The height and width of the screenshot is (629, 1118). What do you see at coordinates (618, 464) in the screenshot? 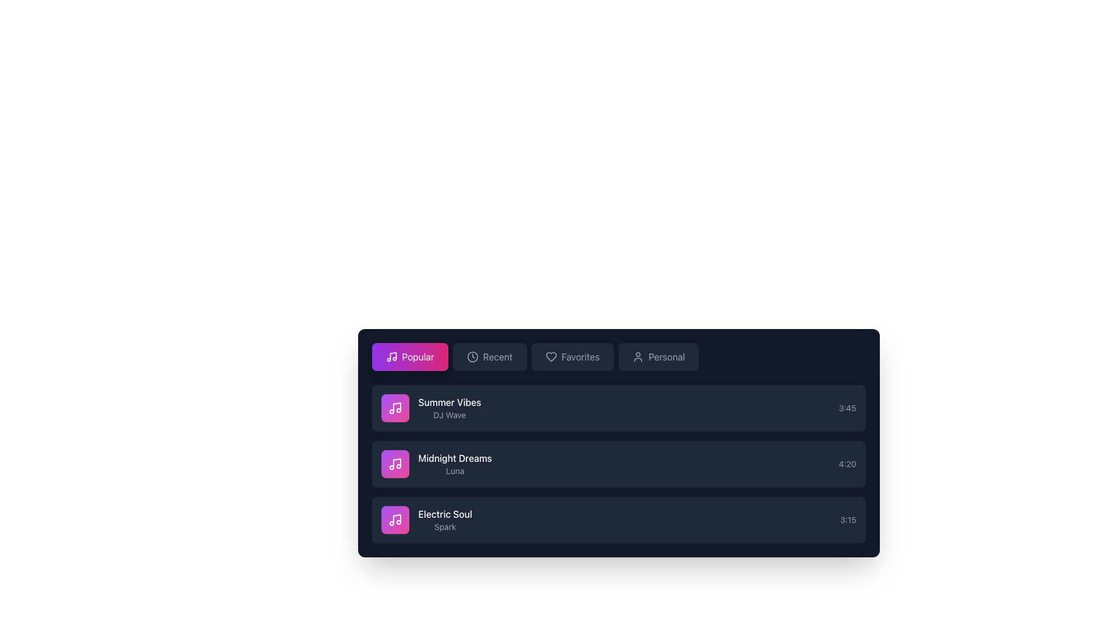
I see `the second music track item` at bounding box center [618, 464].